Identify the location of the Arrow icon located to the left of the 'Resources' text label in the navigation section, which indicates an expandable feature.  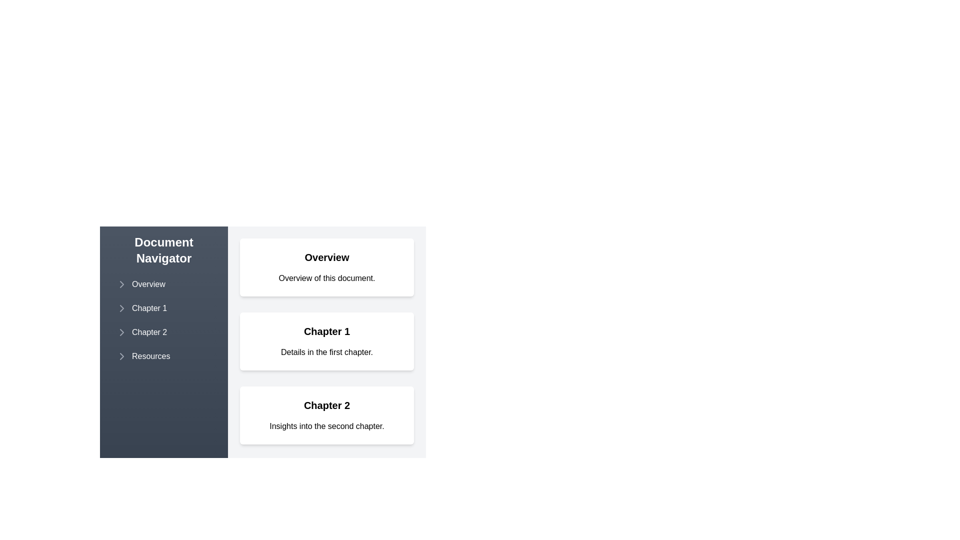
(121, 356).